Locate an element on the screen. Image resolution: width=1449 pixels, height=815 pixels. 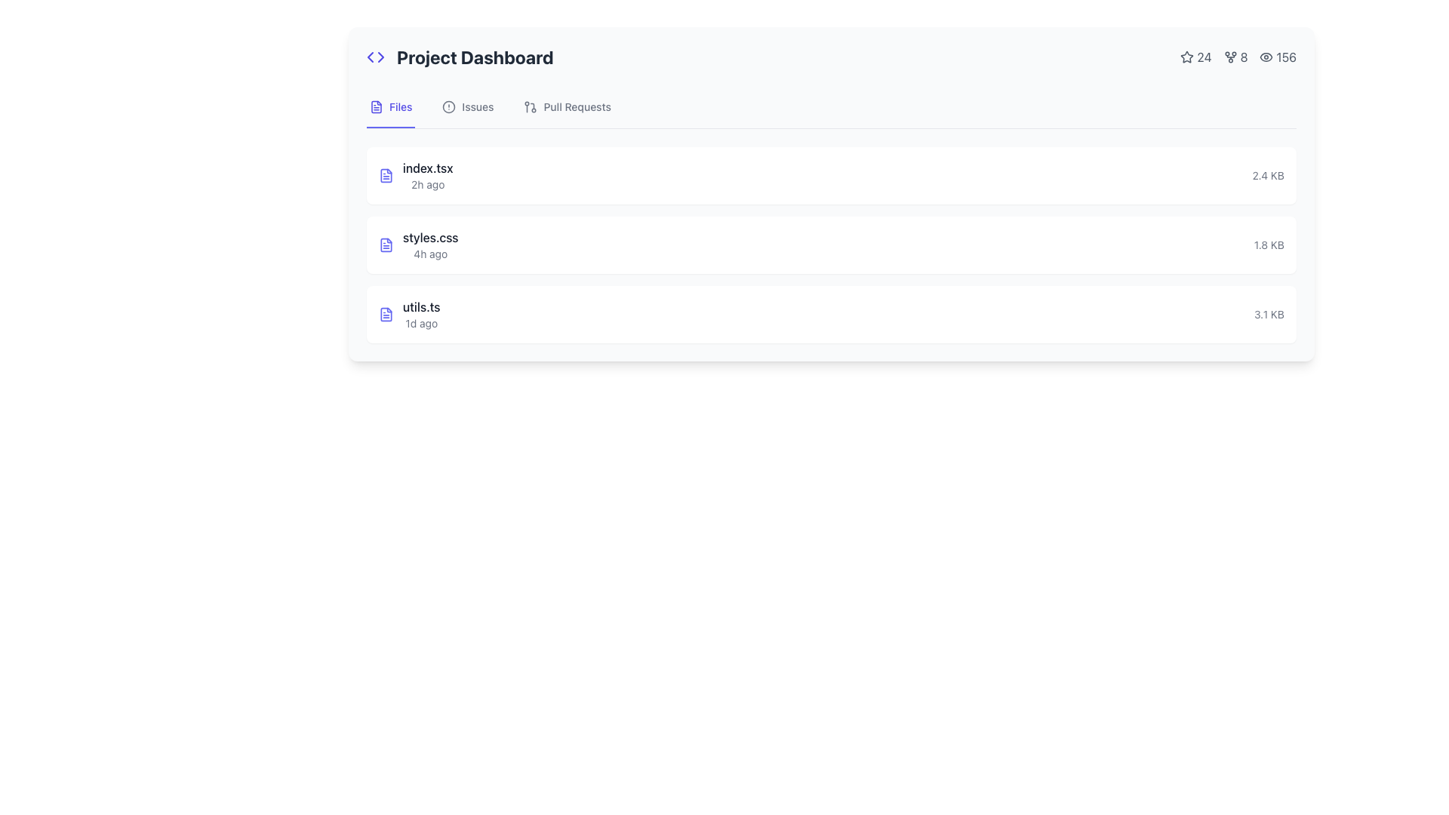
text label displaying '2.4 KB' located to the far right of the entry for 'index.tsx', aligned horizontally with the file name and timestamp is located at coordinates (1268, 174).